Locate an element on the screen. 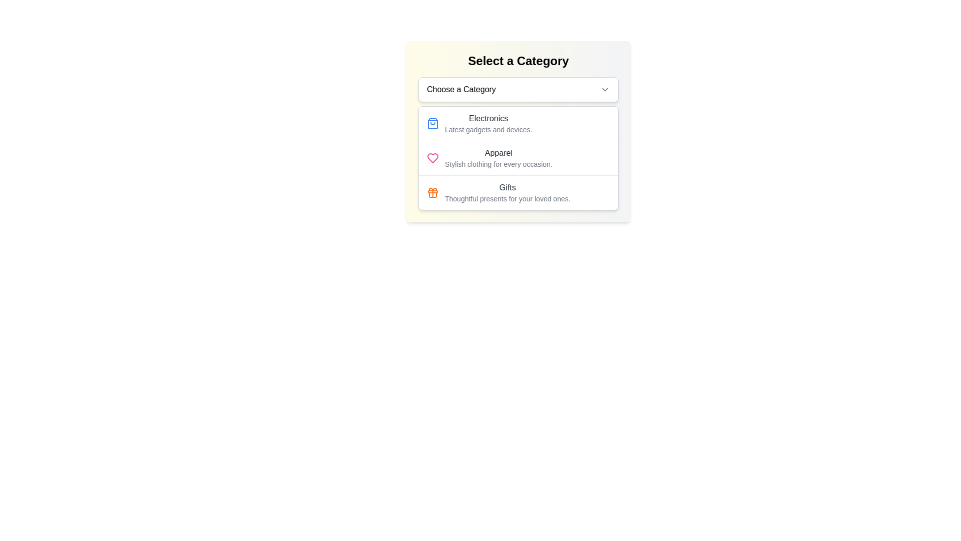 Image resolution: width=961 pixels, height=541 pixels. the 'Apparel' category icon is located at coordinates (432, 158).